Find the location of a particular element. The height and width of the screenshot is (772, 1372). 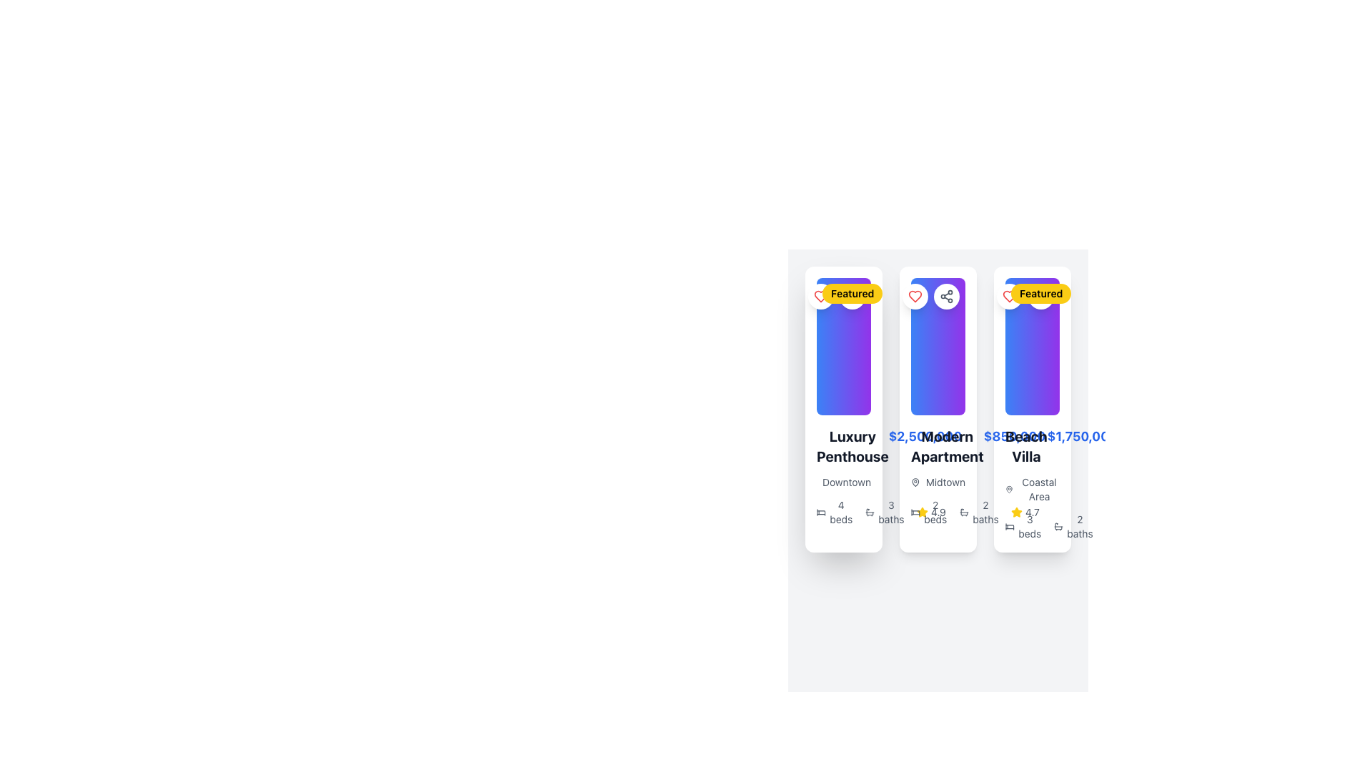

the share icon, which consists of three connected circles in a minimalistic gray design is located at coordinates (946, 296).